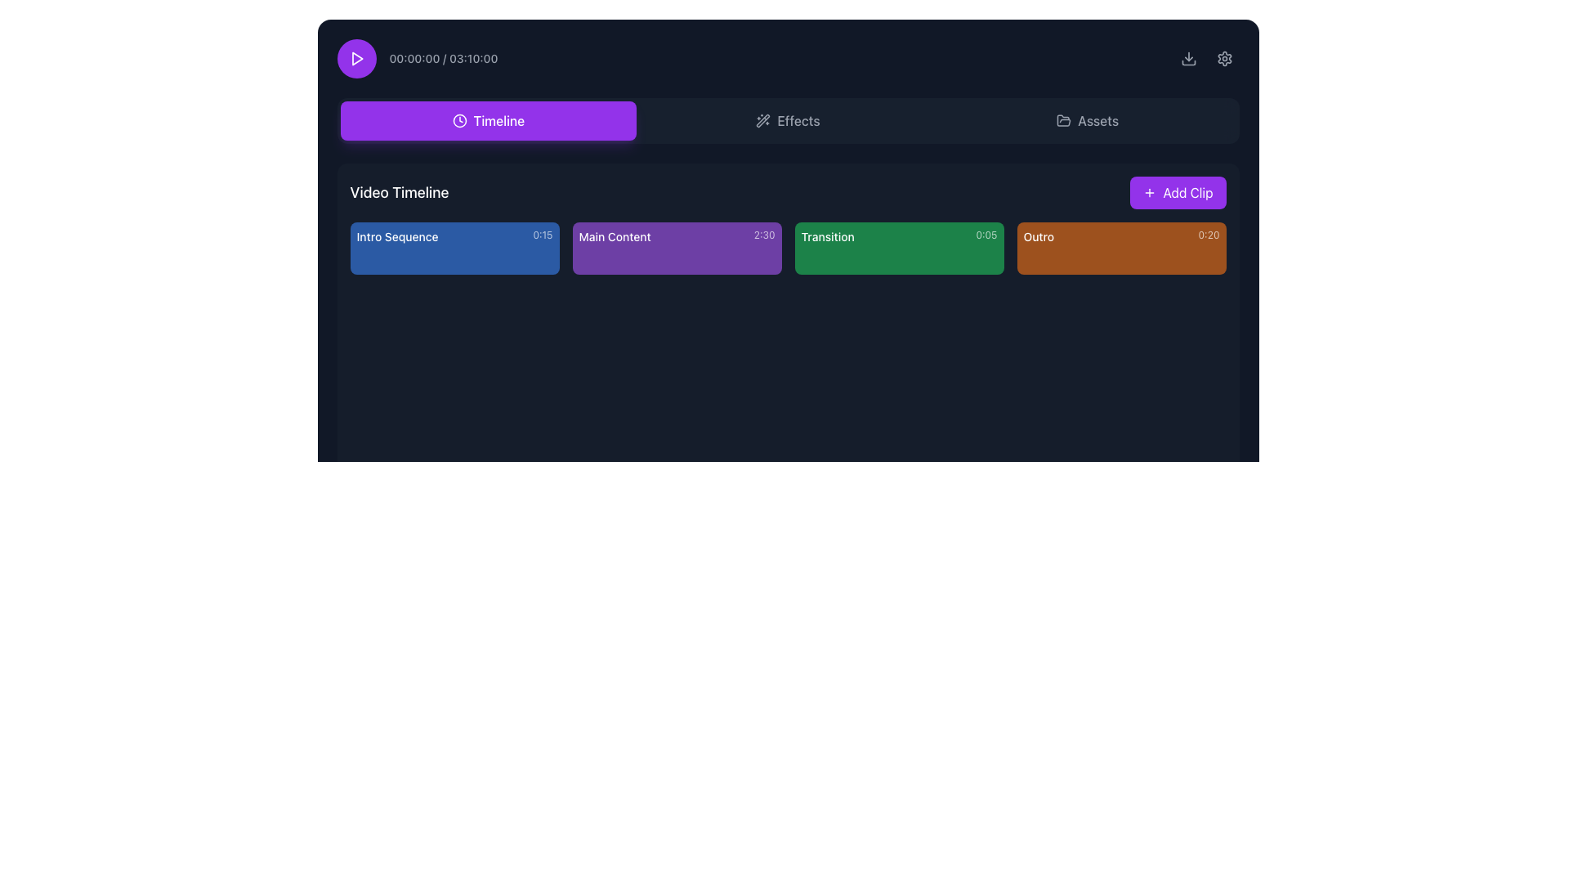  Describe the element at coordinates (788, 249) in the screenshot. I see `the Segment indicator within the timeline, which has a green background and displays the text 'Transition' with a duration of '0:05'. This element is the third segment in the sequence of the 'Video Timeline'` at that location.